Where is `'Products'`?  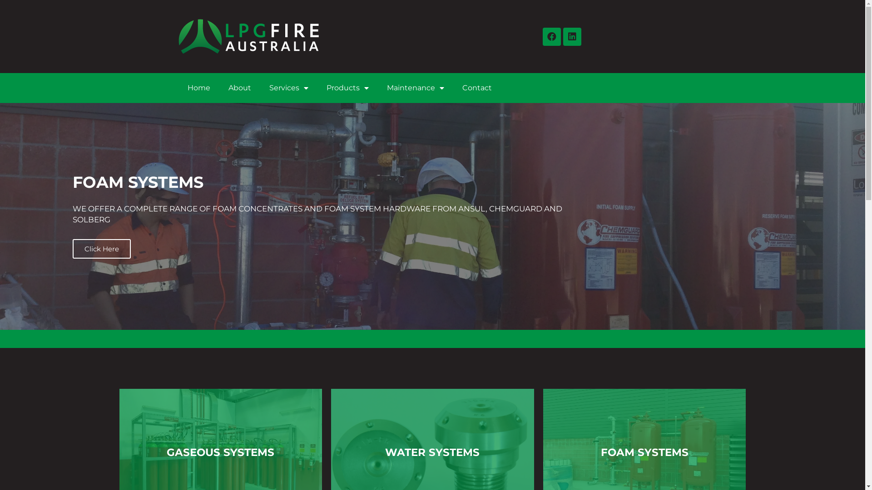
'Products' is located at coordinates (347, 88).